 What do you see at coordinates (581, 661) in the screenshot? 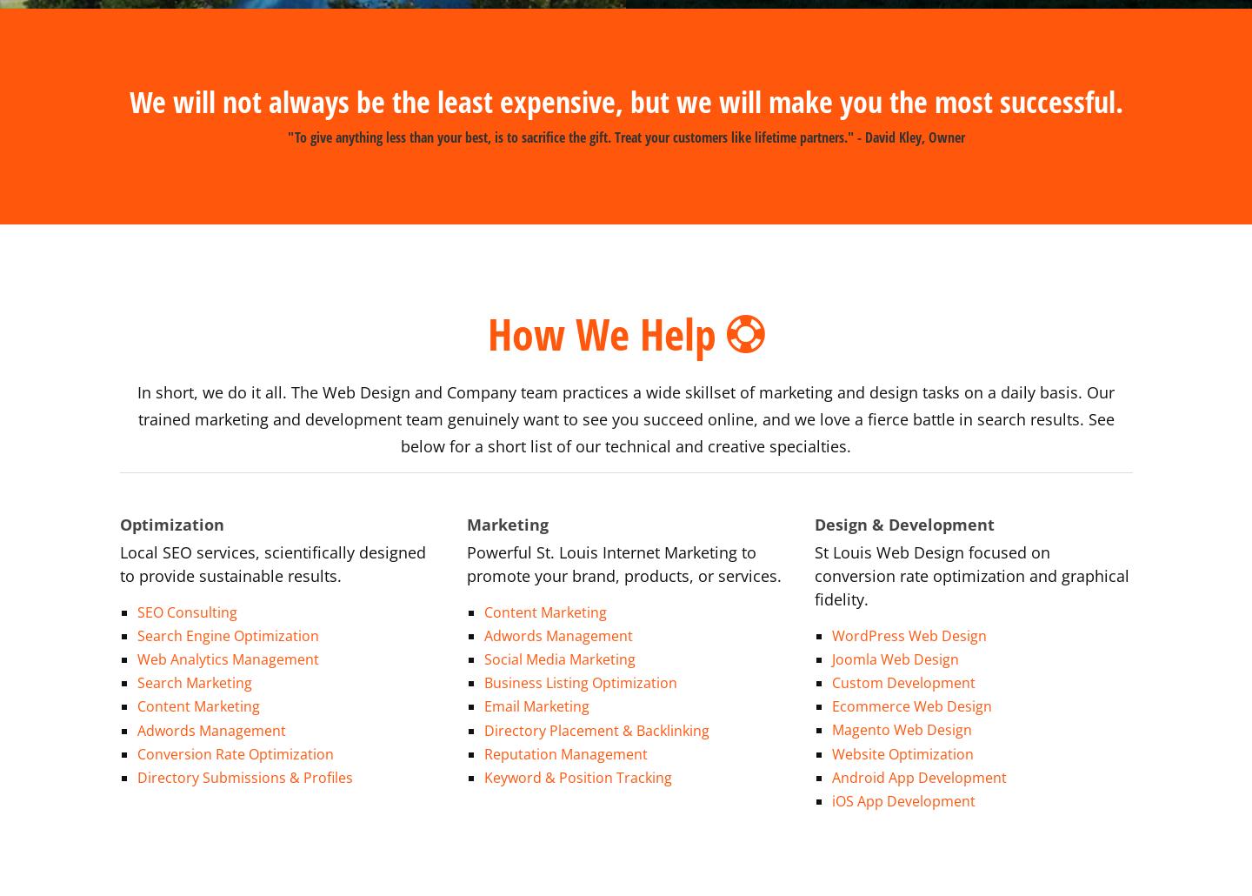
I see `'Business Listing Optimization'` at bounding box center [581, 661].